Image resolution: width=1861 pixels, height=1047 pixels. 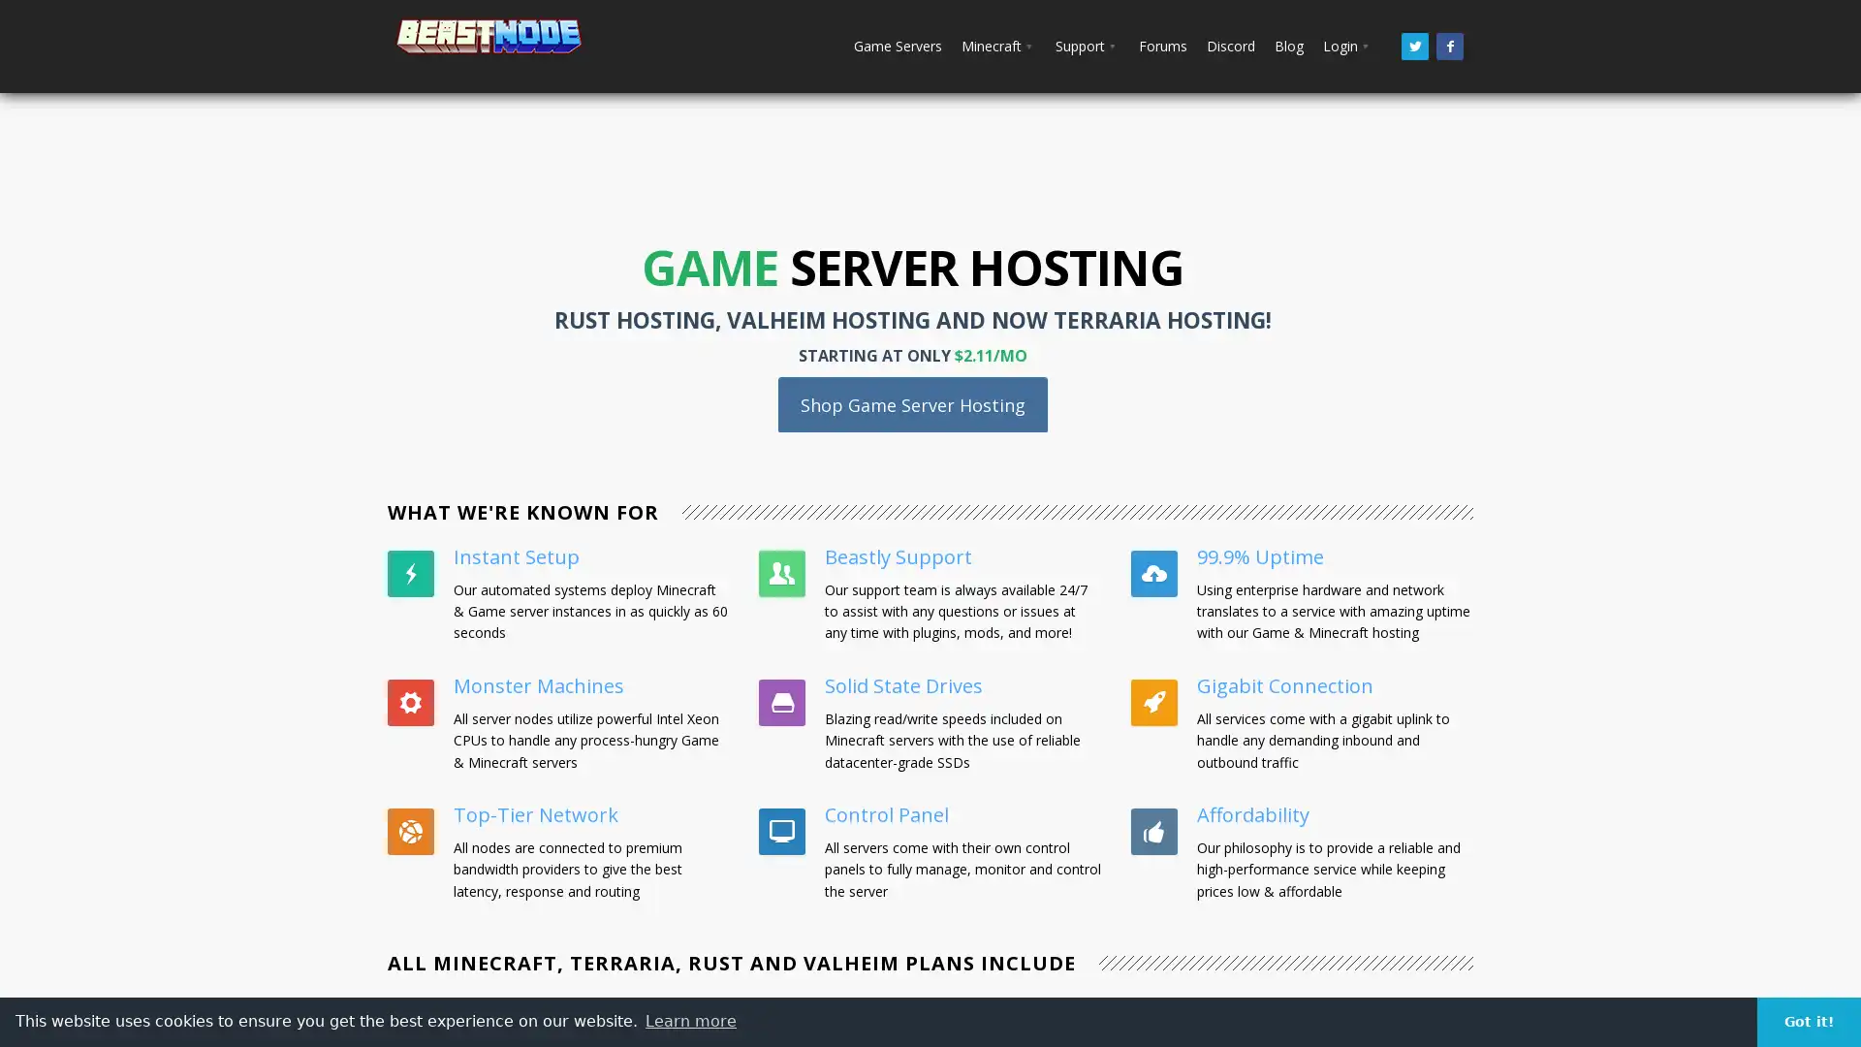 What do you see at coordinates (691, 1020) in the screenshot?
I see `learn more about cookies` at bounding box center [691, 1020].